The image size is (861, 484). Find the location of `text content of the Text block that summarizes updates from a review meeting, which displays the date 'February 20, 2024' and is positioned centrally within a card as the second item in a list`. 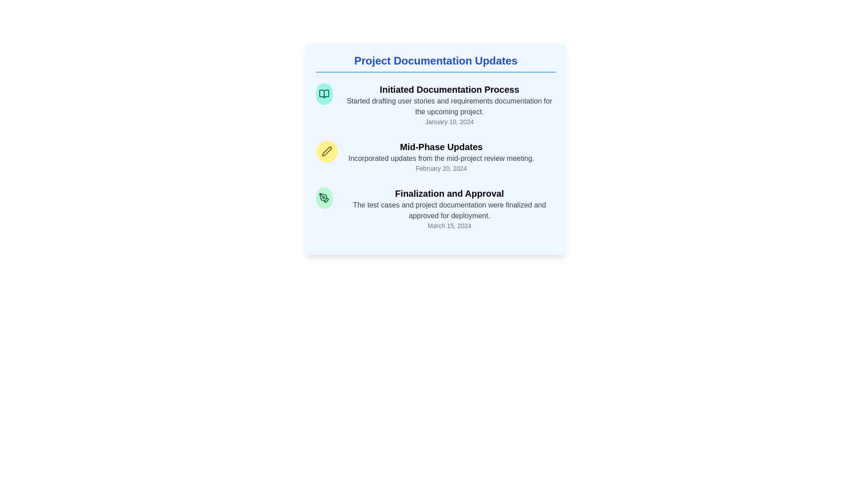

text content of the Text block that summarizes updates from a review meeting, which displays the date 'February 20, 2024' and is positioned centrally within a card as the second item in a list is located at coordinates (441, 156).